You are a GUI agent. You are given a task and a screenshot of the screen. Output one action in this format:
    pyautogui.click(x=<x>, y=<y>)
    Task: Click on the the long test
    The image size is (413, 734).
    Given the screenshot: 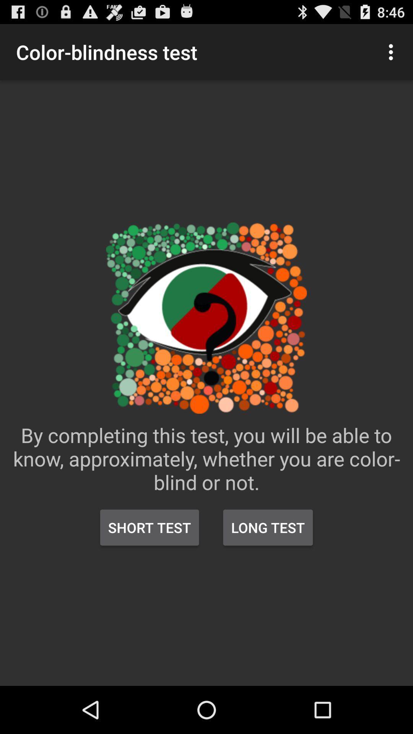 What is the action you would take?
    pyautogui.click(x=267, y=527)
    